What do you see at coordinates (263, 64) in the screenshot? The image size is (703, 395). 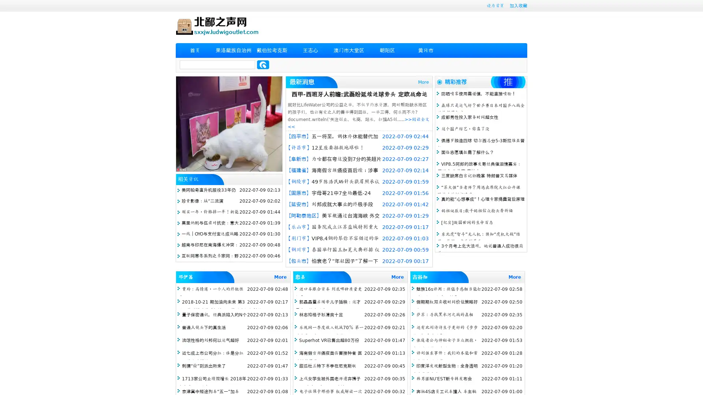 I see `Search` at bounding box center [263, 64].